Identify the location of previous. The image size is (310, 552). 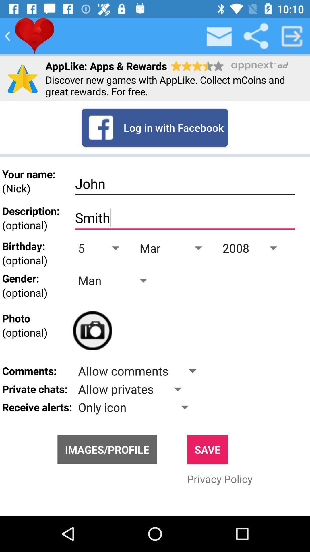
(7, 36).